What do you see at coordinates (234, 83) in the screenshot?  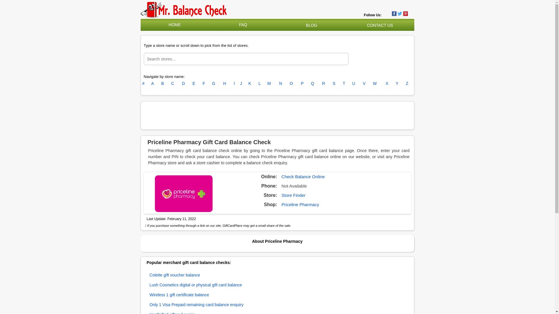 I see `'I'` at bounding box center [234, 83].